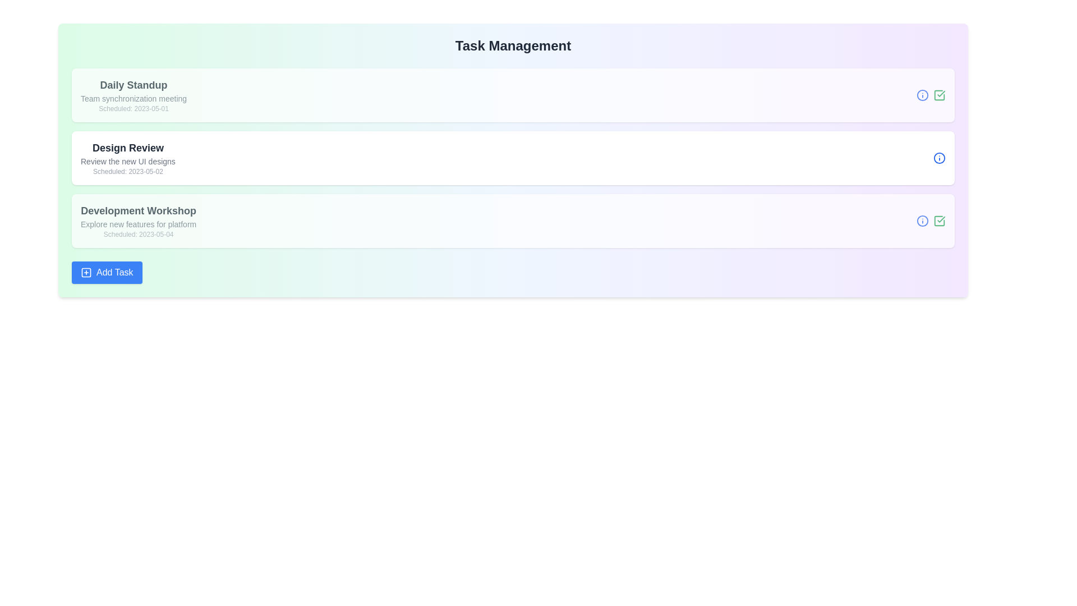 This screenshot has width=1077, height=606. What do you see at coordinates (940, 221) in the screenshot?
I see `the CheckSquare icon of a completed task identified by its title Development Workshop` at bounding box center [940, 221].